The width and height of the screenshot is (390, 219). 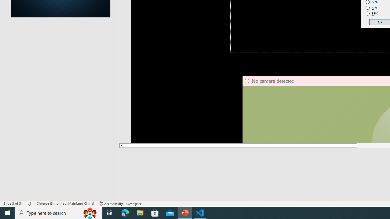 I want to click on '33%', so click(x=372, y=14).